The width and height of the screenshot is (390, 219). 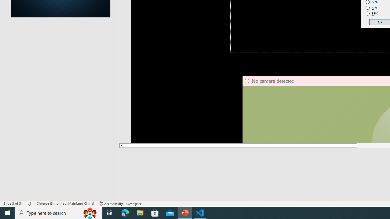 I want to click on '33%', so click(x=372, y=14).